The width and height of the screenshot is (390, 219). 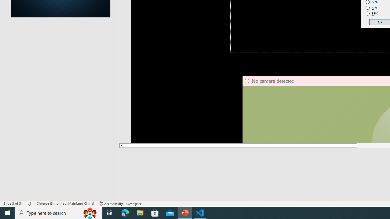 I want to click on '33%', so click(x=372, y=14).